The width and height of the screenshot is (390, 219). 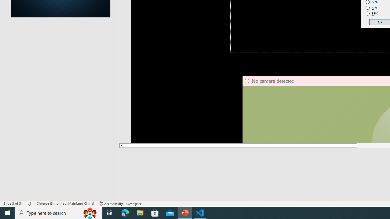 I want to click on '33%', so click(x=372, y=14).